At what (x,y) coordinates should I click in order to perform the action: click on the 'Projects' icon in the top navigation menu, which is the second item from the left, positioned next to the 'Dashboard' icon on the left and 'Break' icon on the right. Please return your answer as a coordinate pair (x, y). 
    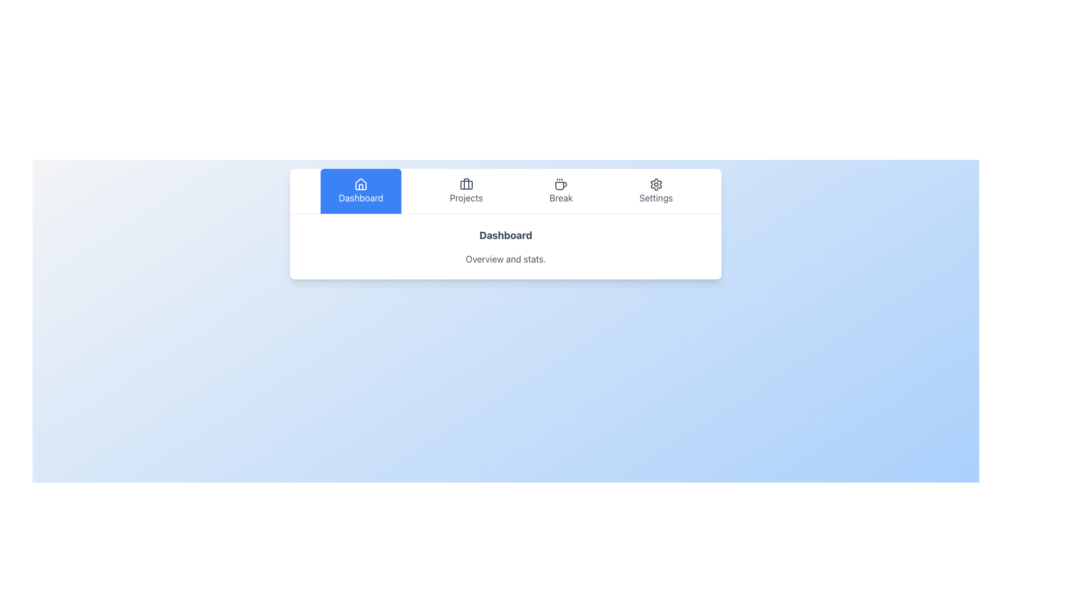
    Looking at the image, I should click on (466, 183).